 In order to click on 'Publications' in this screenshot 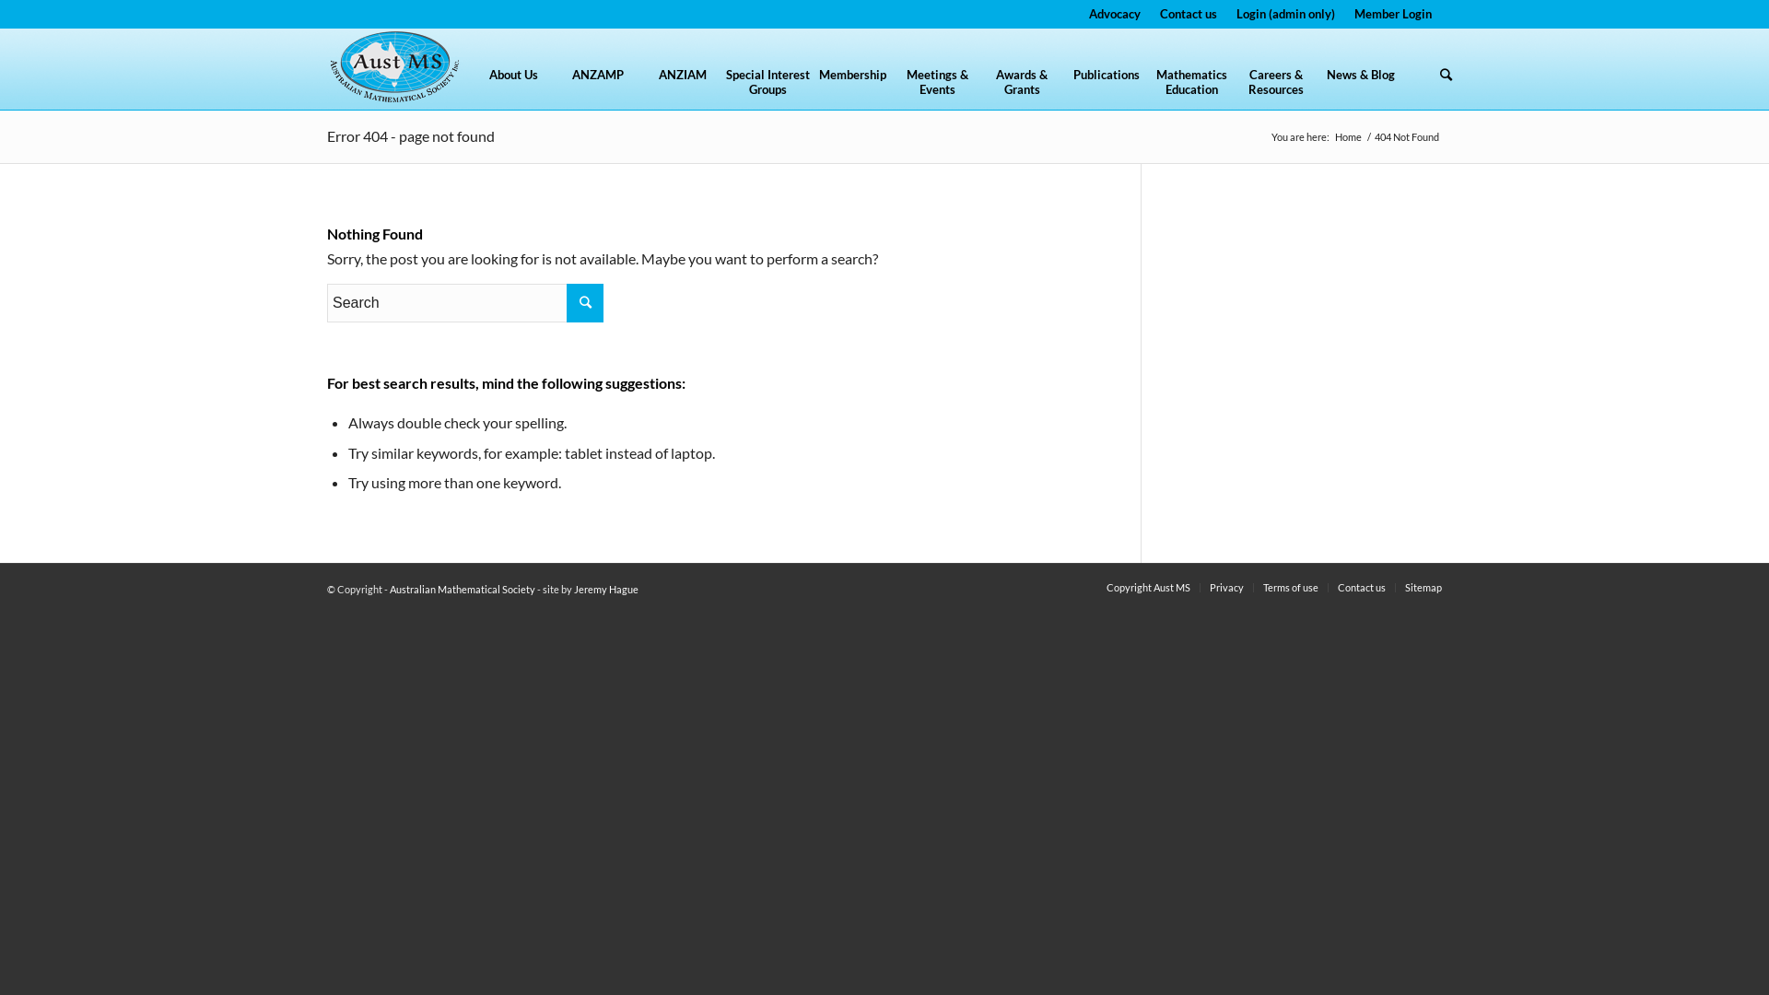, I will do `click(1106, 88)`.